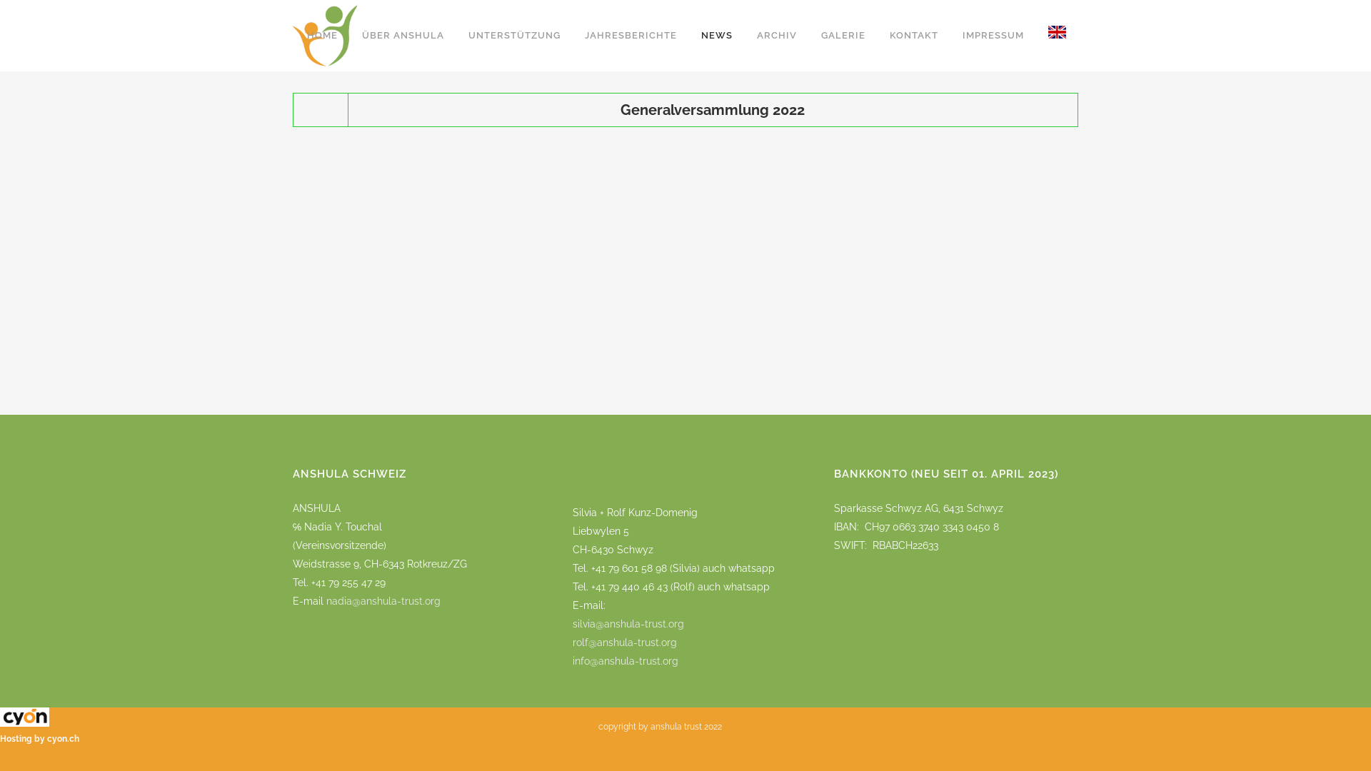 The width and height of the screenshot is (1371, 771). Describe the element at coordinates (716, 35) in the screenshot. I see `'NEWS'` at that location.